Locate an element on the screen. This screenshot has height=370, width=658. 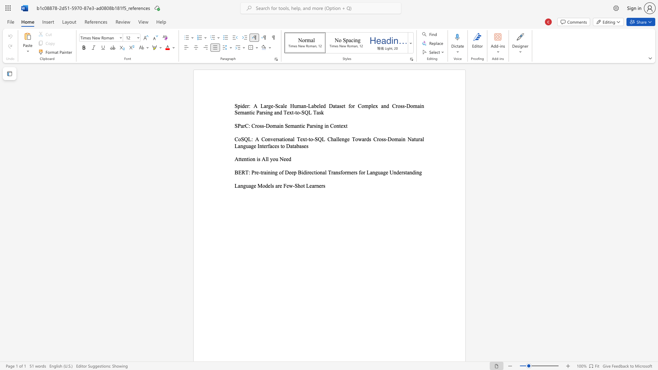
the 1th character "a" in the text is located at coordinates (281, 139).